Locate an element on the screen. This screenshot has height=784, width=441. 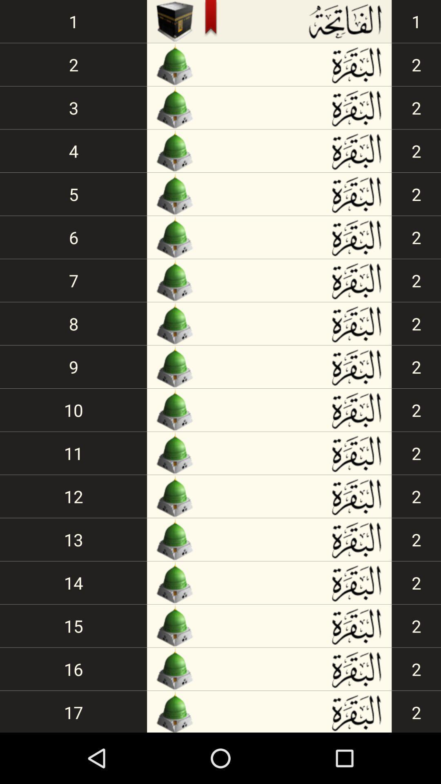
the app above 12 icon is located at coordinates (73, 452).